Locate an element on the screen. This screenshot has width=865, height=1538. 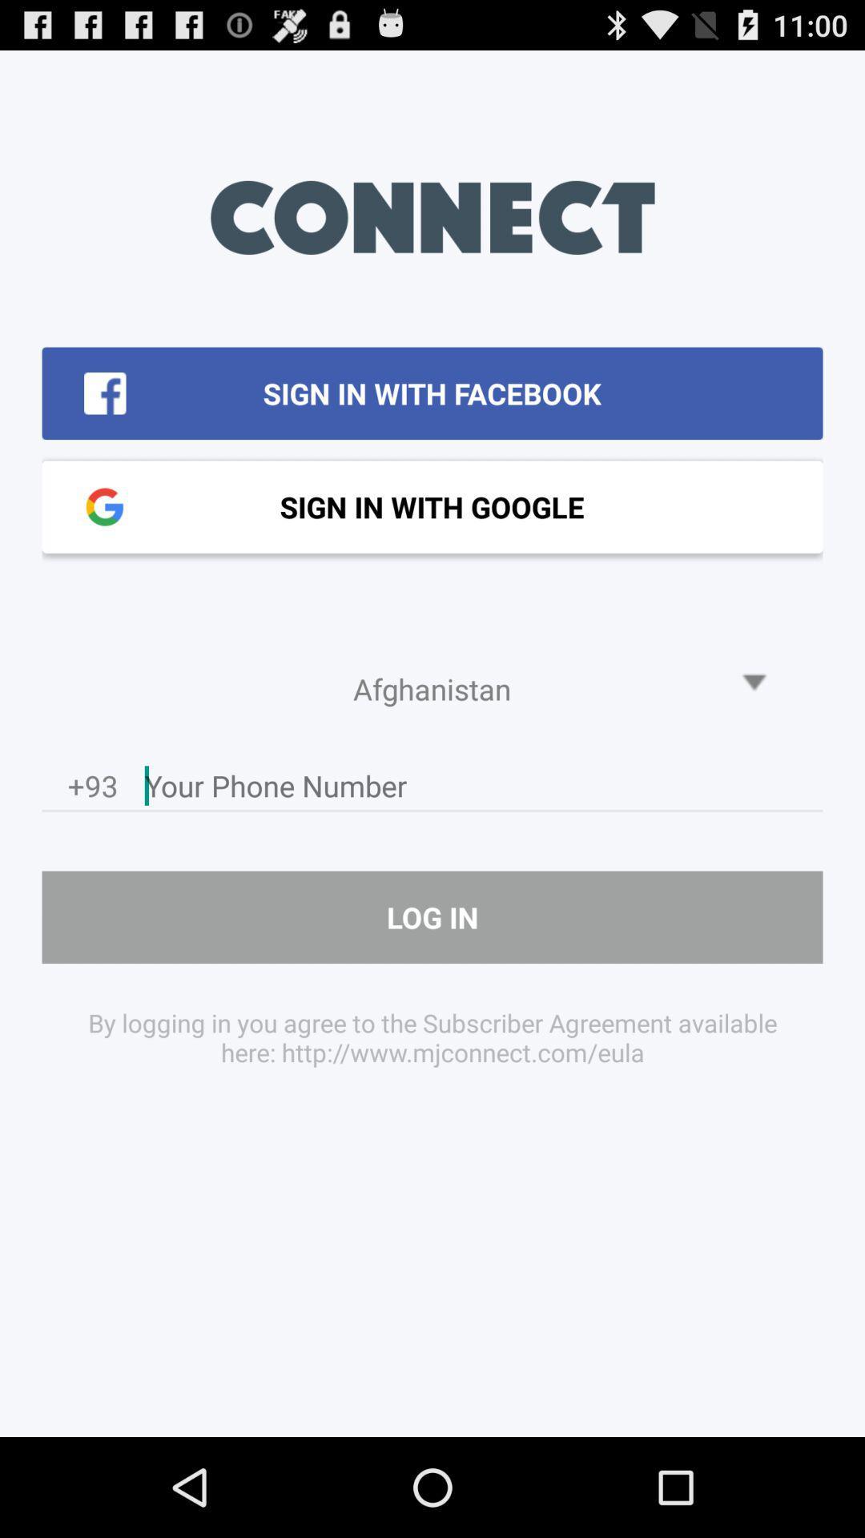
the +93 item is located at coordinates (93, 790).